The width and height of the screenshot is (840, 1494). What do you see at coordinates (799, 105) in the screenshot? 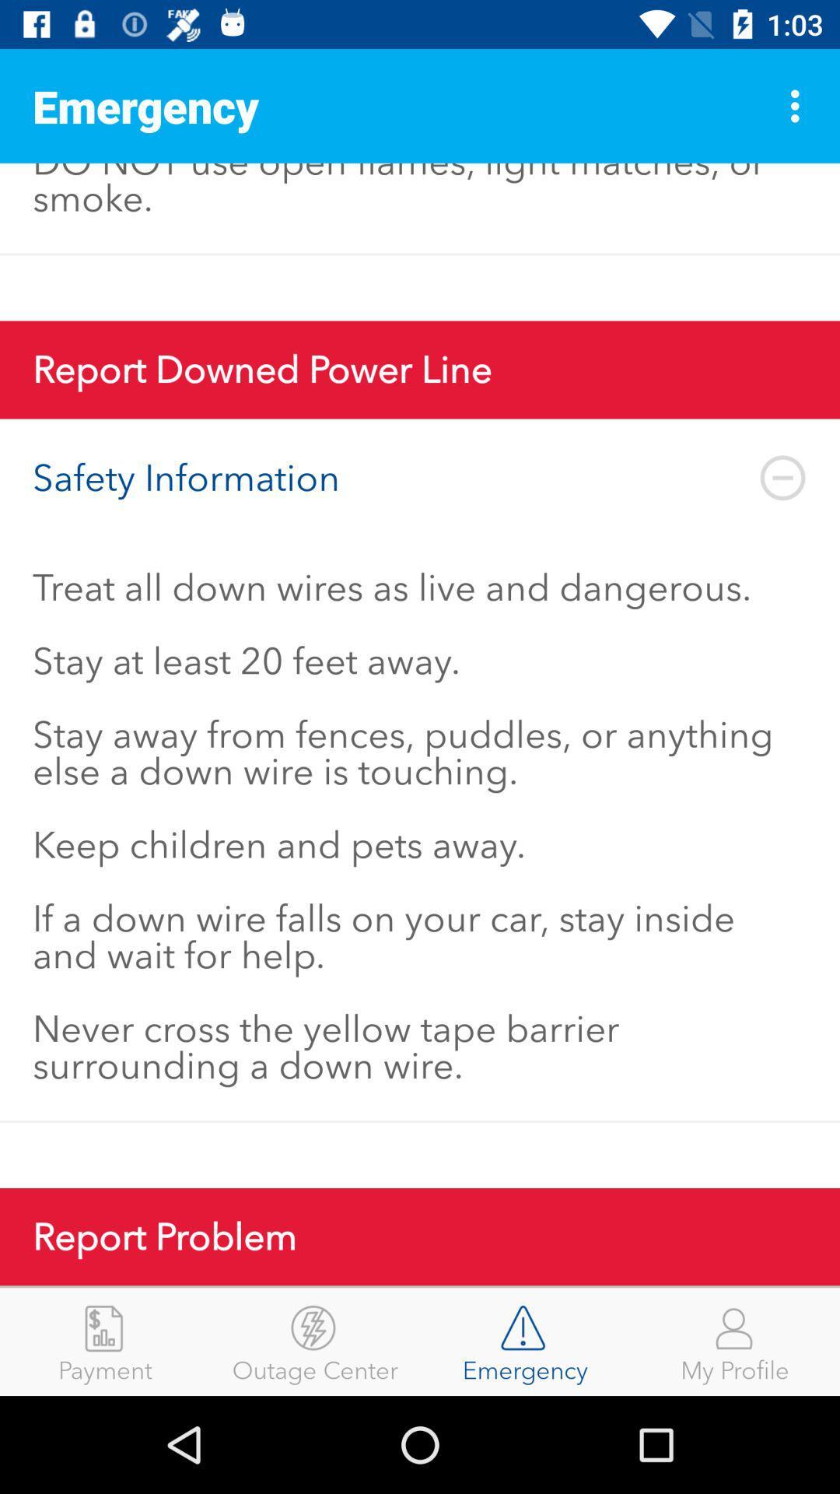
I see `the item above the gas leaks are` at bounding box center [799, 105].